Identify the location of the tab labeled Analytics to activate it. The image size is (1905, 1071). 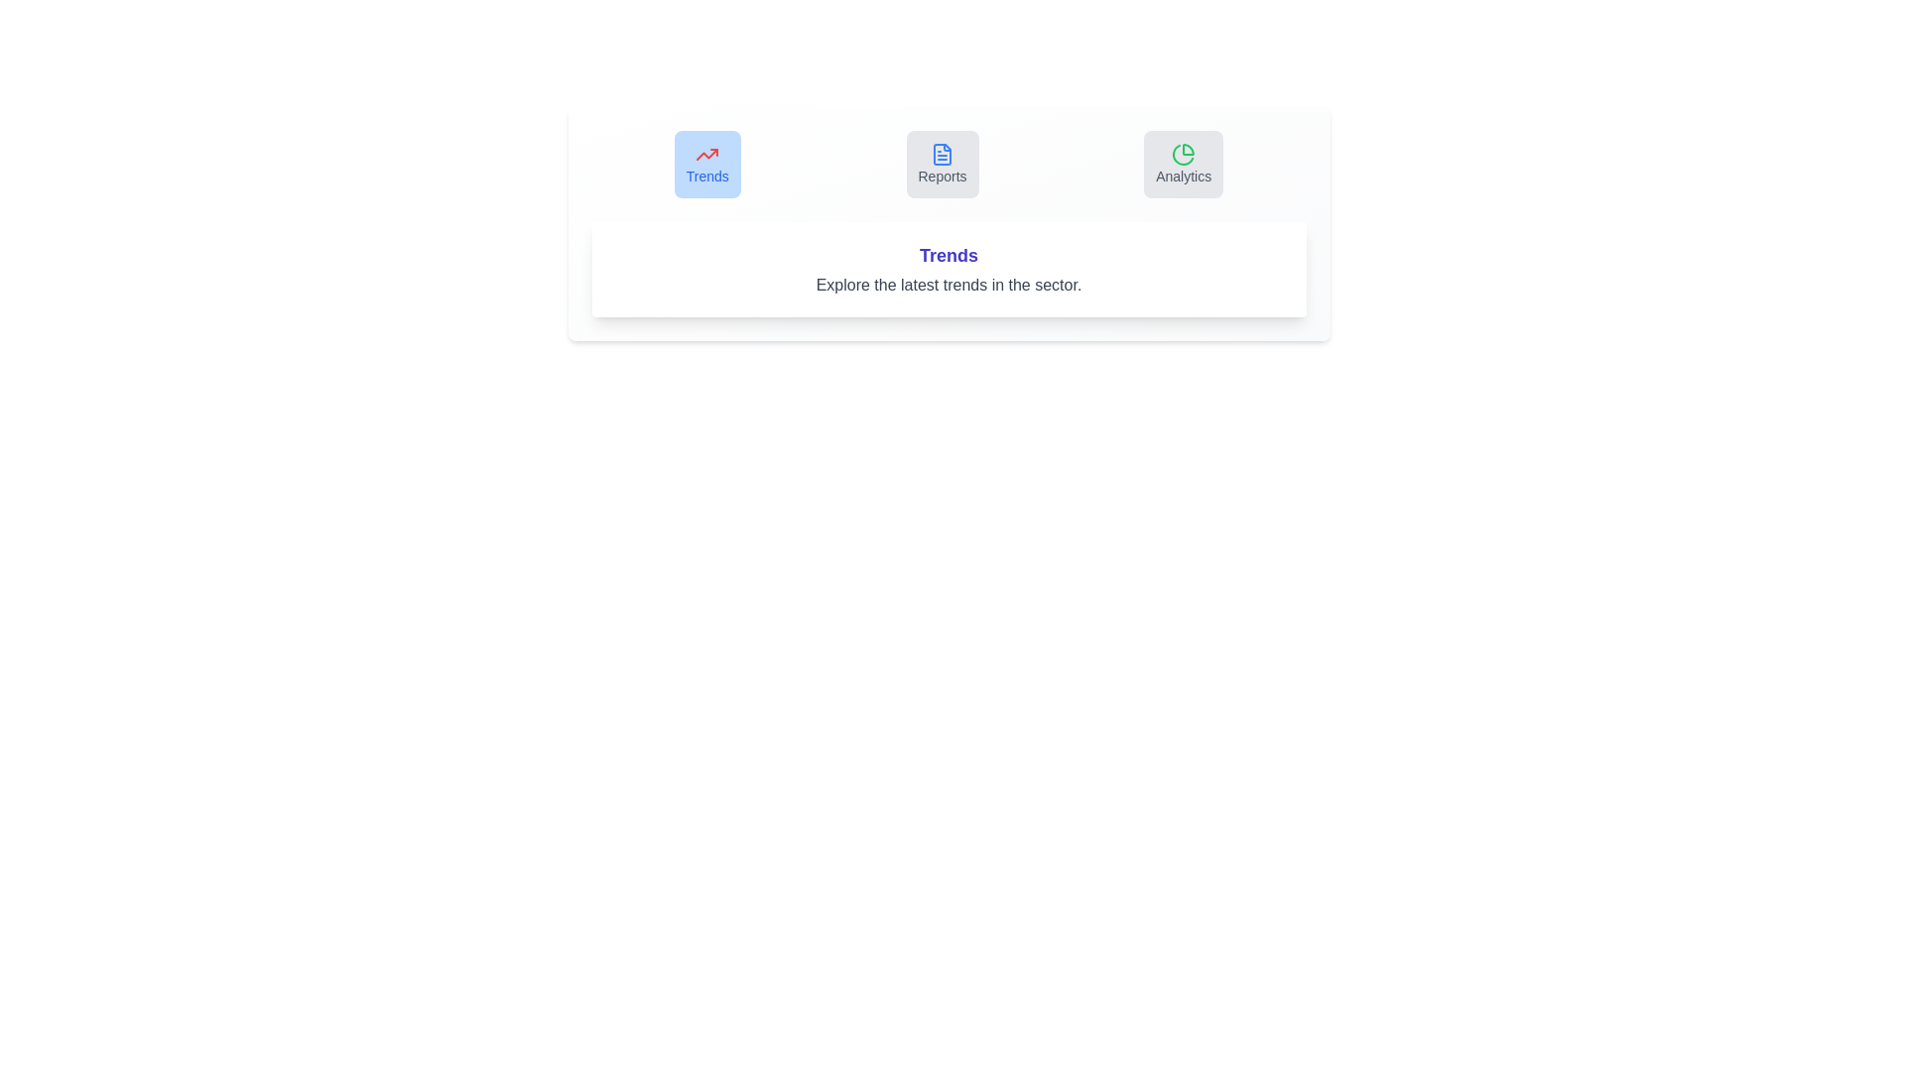
(1184, 163).